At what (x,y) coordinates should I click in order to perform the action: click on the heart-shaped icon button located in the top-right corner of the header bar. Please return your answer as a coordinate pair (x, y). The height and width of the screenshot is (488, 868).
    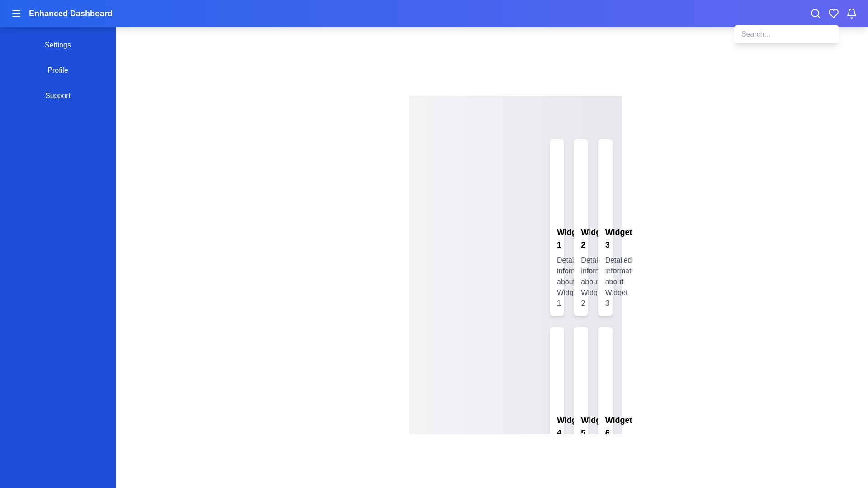
    Looking at the image, I should click on (833, 14).